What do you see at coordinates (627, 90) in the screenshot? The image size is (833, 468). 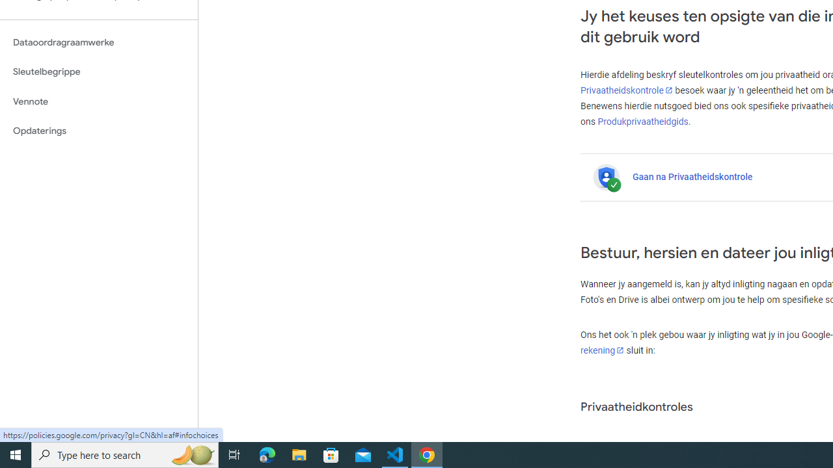 I see `'Privaatheidskontrole'` at bounding box center [627, 90].